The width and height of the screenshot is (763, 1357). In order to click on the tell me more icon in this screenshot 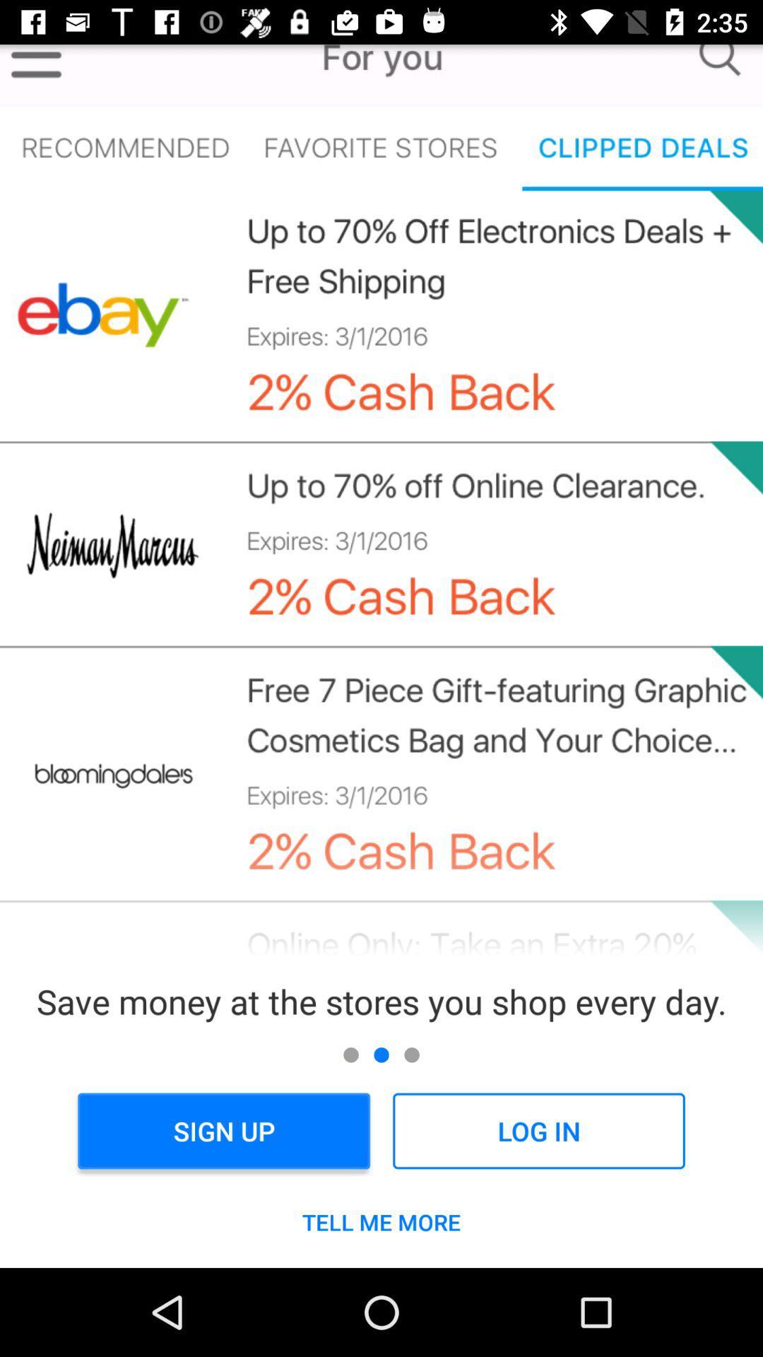, I will do `click(381, 1221)`.